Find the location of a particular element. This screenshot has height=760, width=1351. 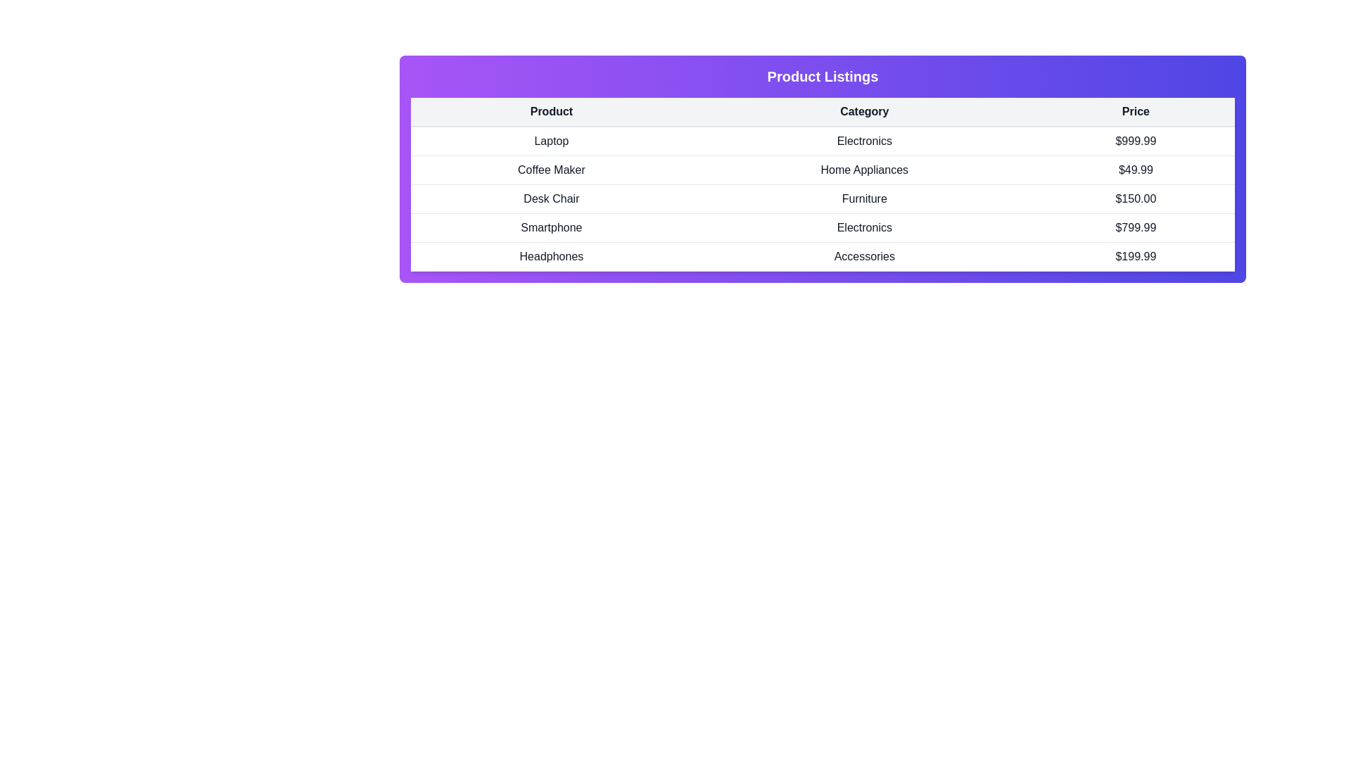

the 'Category' header in the table, which is located between the 'Product' and 'Price' headers is located at coordinates (863, 111).